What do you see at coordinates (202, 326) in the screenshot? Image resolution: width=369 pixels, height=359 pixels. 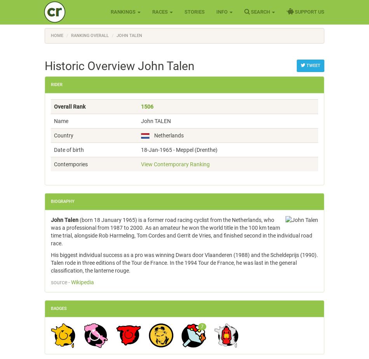 I see `'7'` at bounding box center [202, 326].